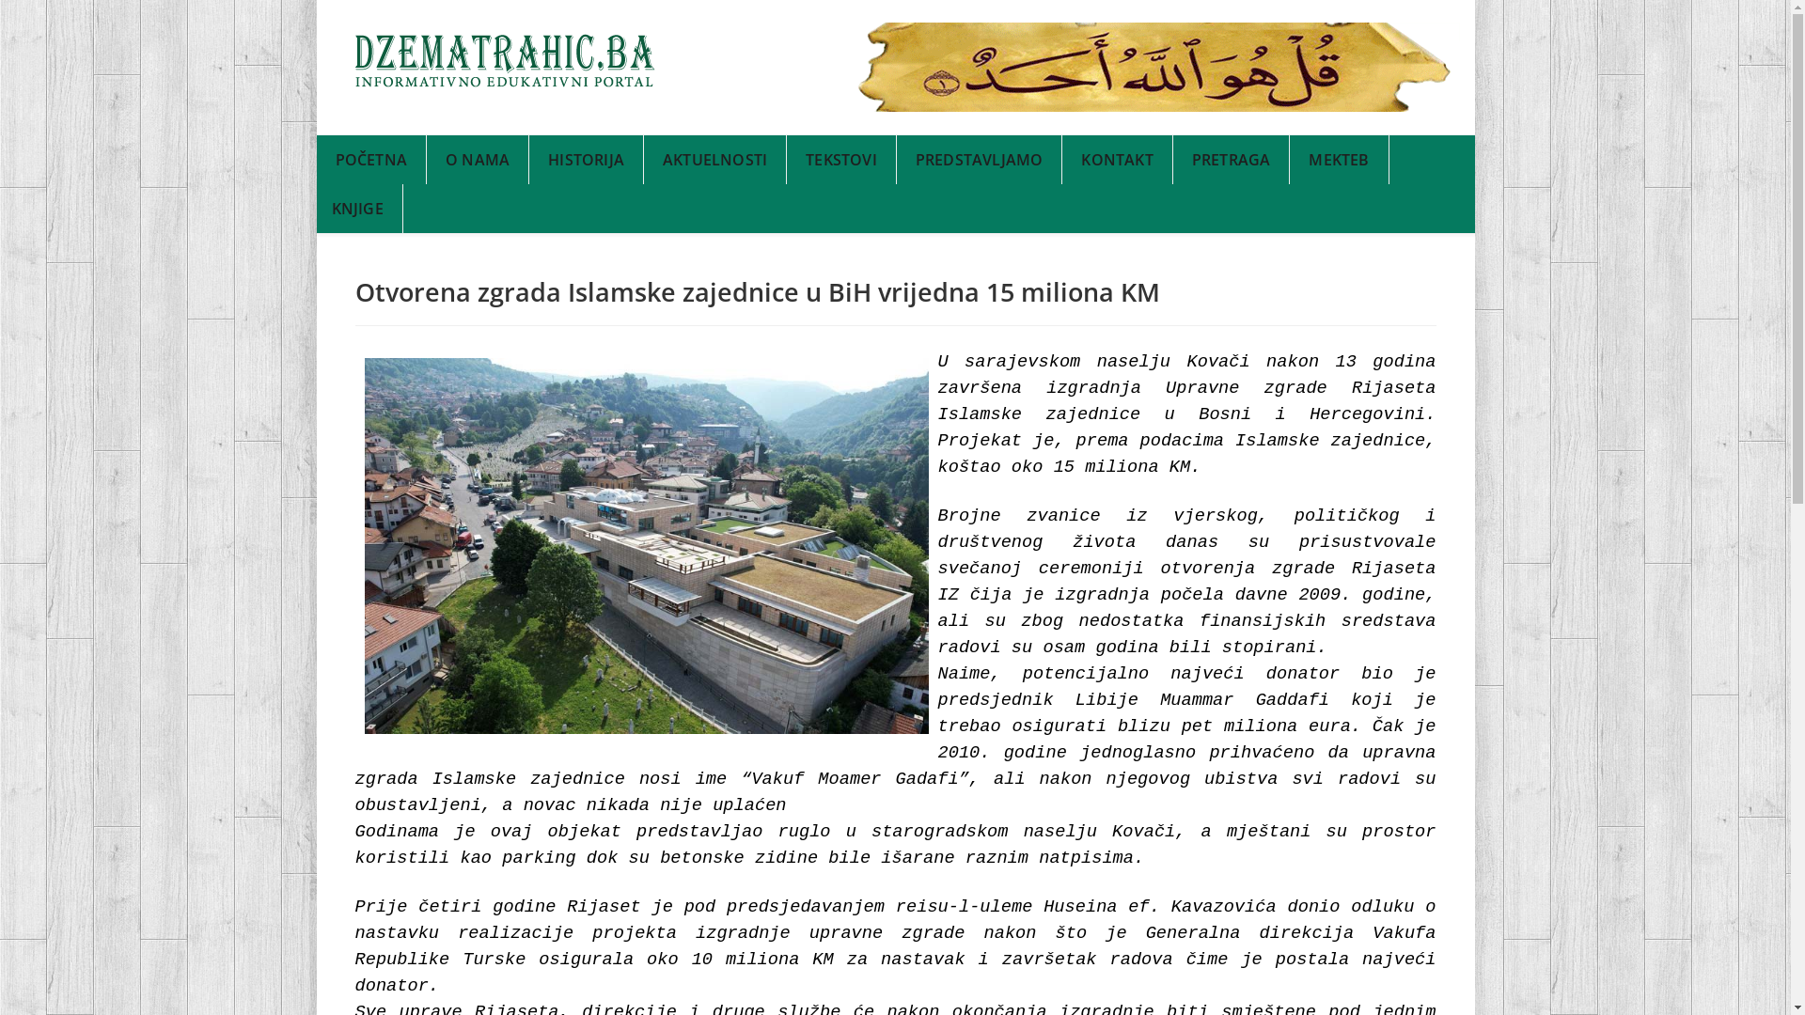 The image size is (1805, 1015). I want to click on 'KNJIGE', so click(356, 209).